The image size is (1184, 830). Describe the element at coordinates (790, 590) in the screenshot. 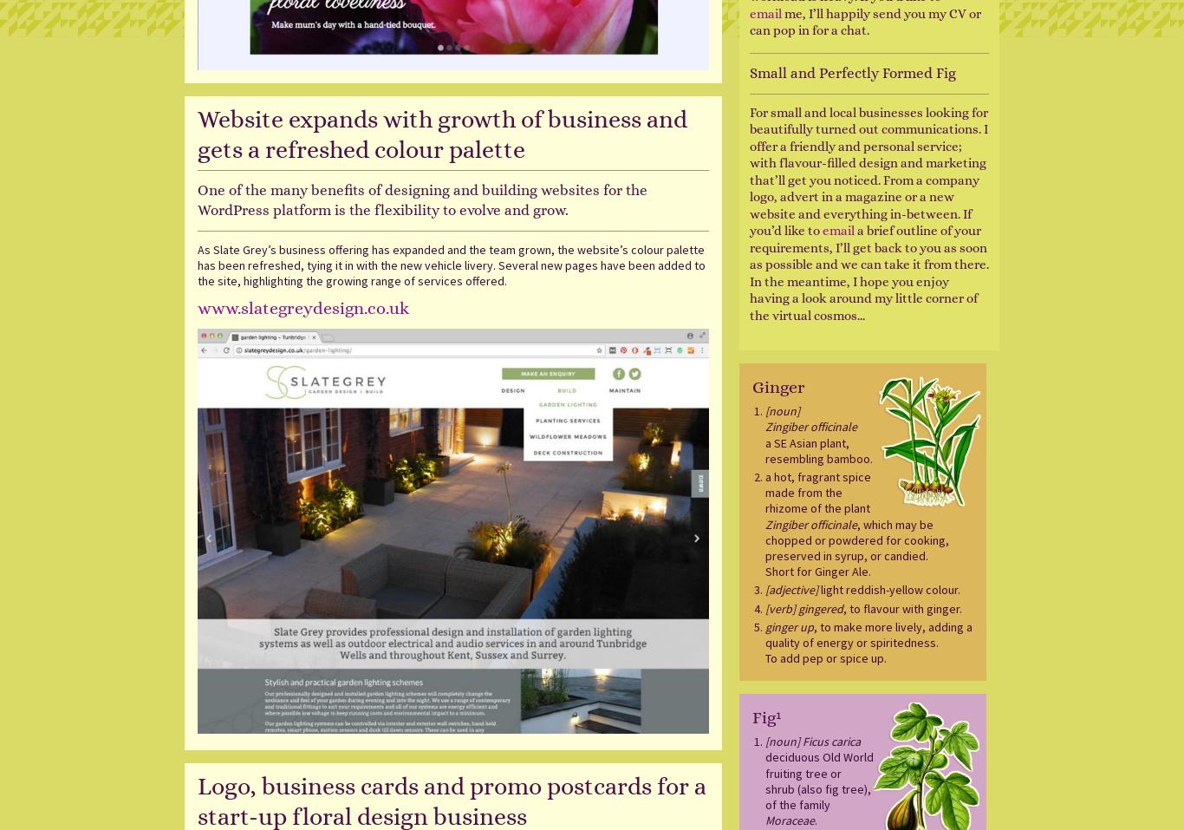

I see `'[adjective]'` at that location.